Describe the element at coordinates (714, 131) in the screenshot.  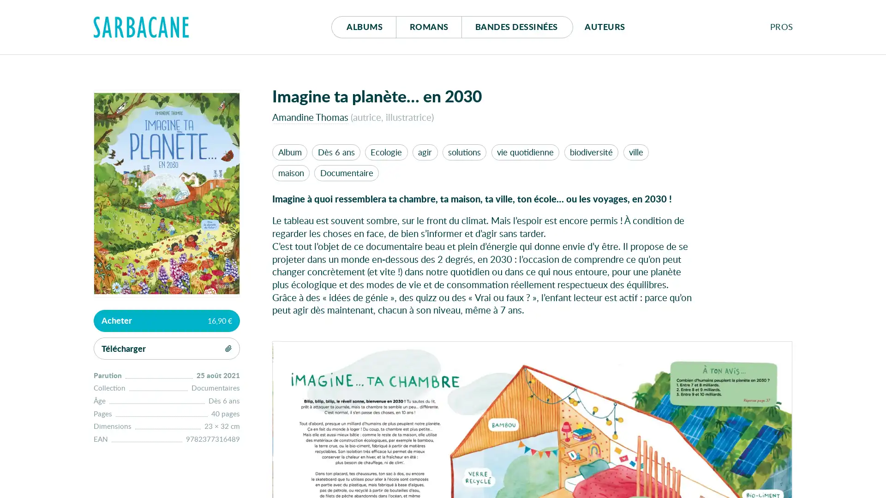
I see `Se connecter` at that location.